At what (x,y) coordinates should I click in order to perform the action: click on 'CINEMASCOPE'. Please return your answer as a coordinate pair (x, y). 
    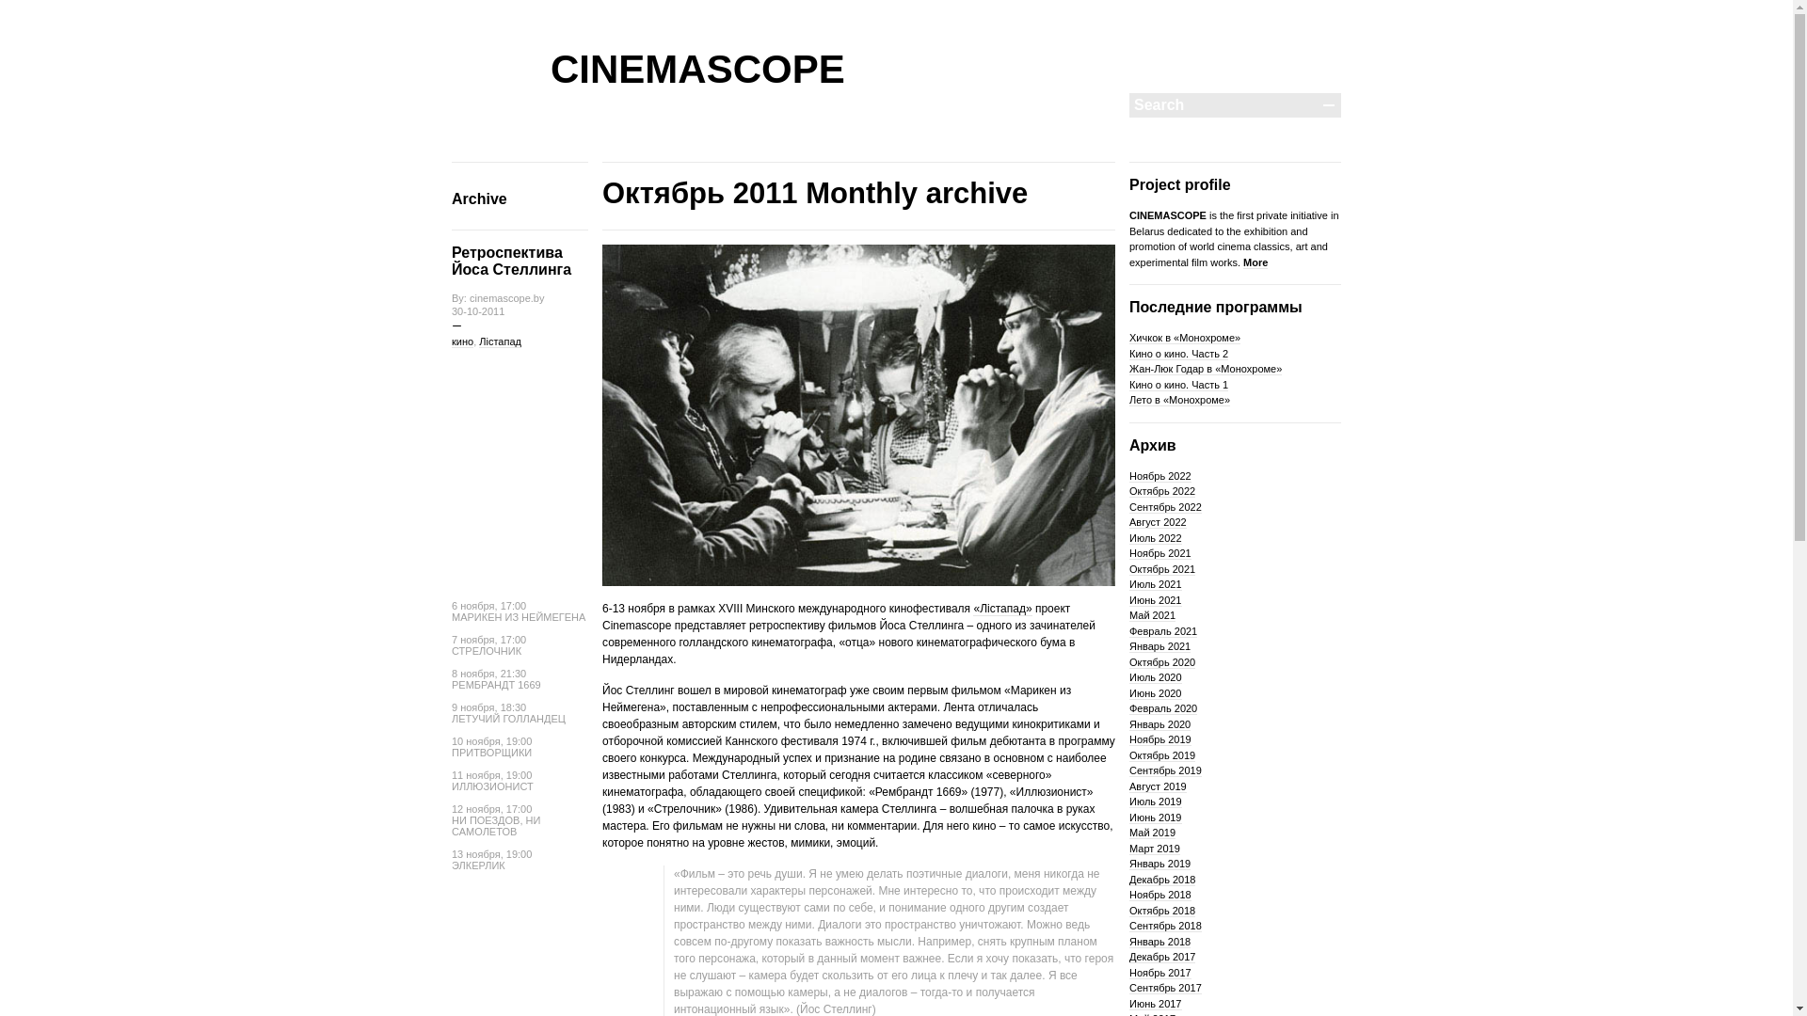
    Looking at the image, I should click on (696, 68).